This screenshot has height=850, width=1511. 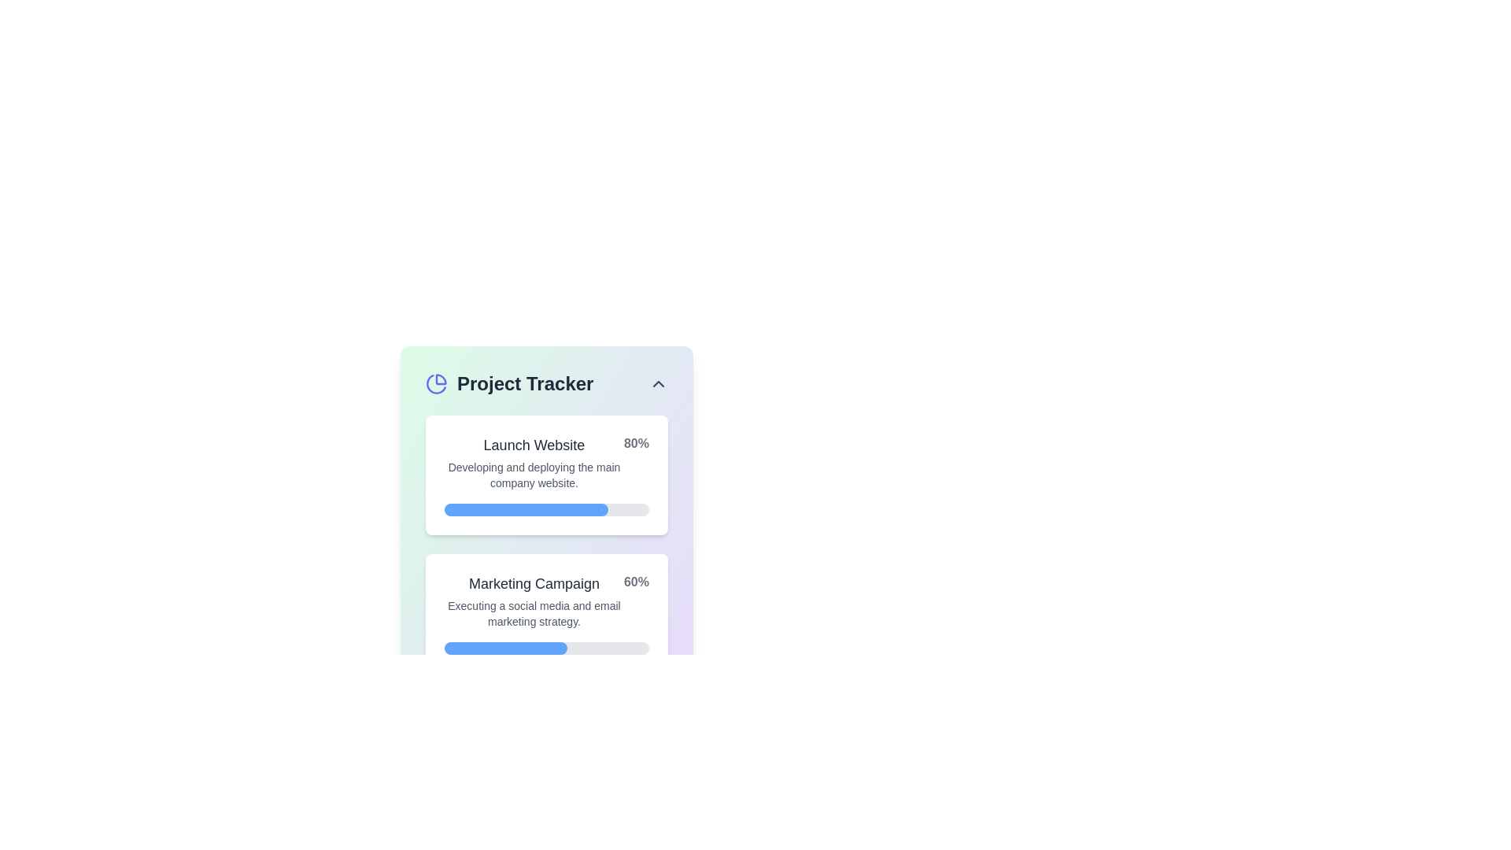 What do you see at coordinates (534, 475) in the screenshot?
I see `the text block containing the content 'Developing and deploying the main company website.' which is styled in a smaller gray font and located under the title 'Launch Website.'` at bounding box center [534, 475].